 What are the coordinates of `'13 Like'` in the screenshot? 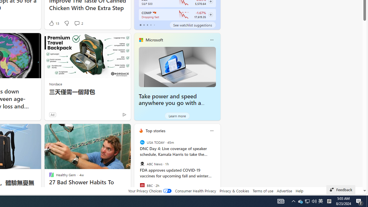 It's located at (53, 23).